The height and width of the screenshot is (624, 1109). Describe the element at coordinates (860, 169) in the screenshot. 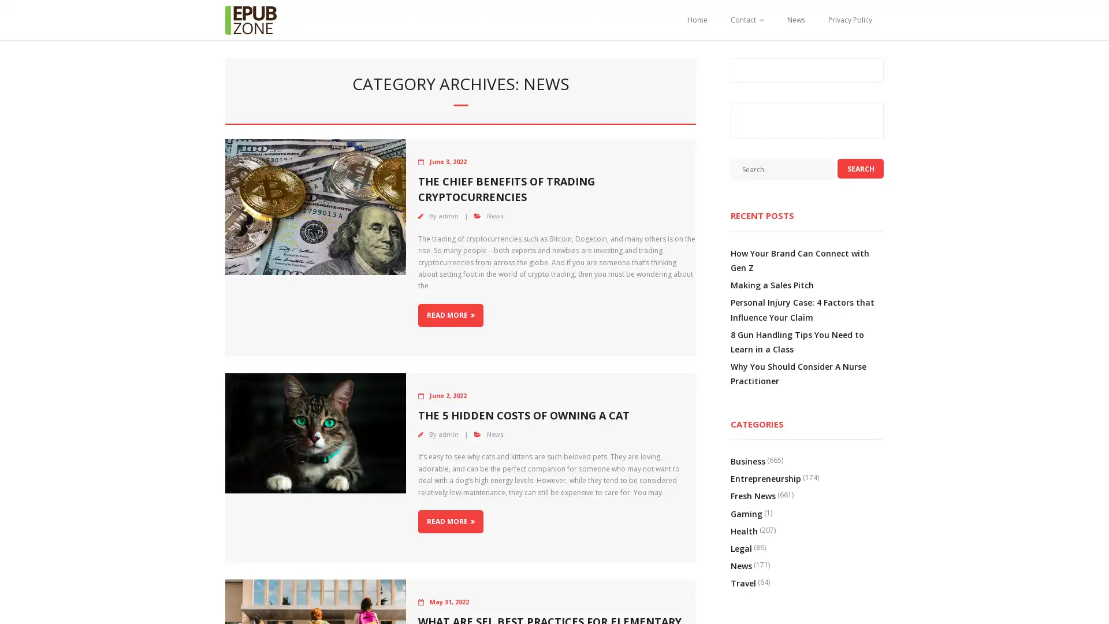

I see `Search` at that location.